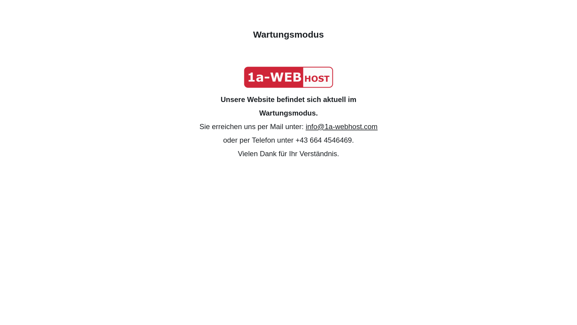 Image resolution: width=577 pixels, height=325 pixels. What do you see at coordinates (341, 126) in the screenshot?
I see `'info@1a-webhost.com'` at bounding box center [341, 126].